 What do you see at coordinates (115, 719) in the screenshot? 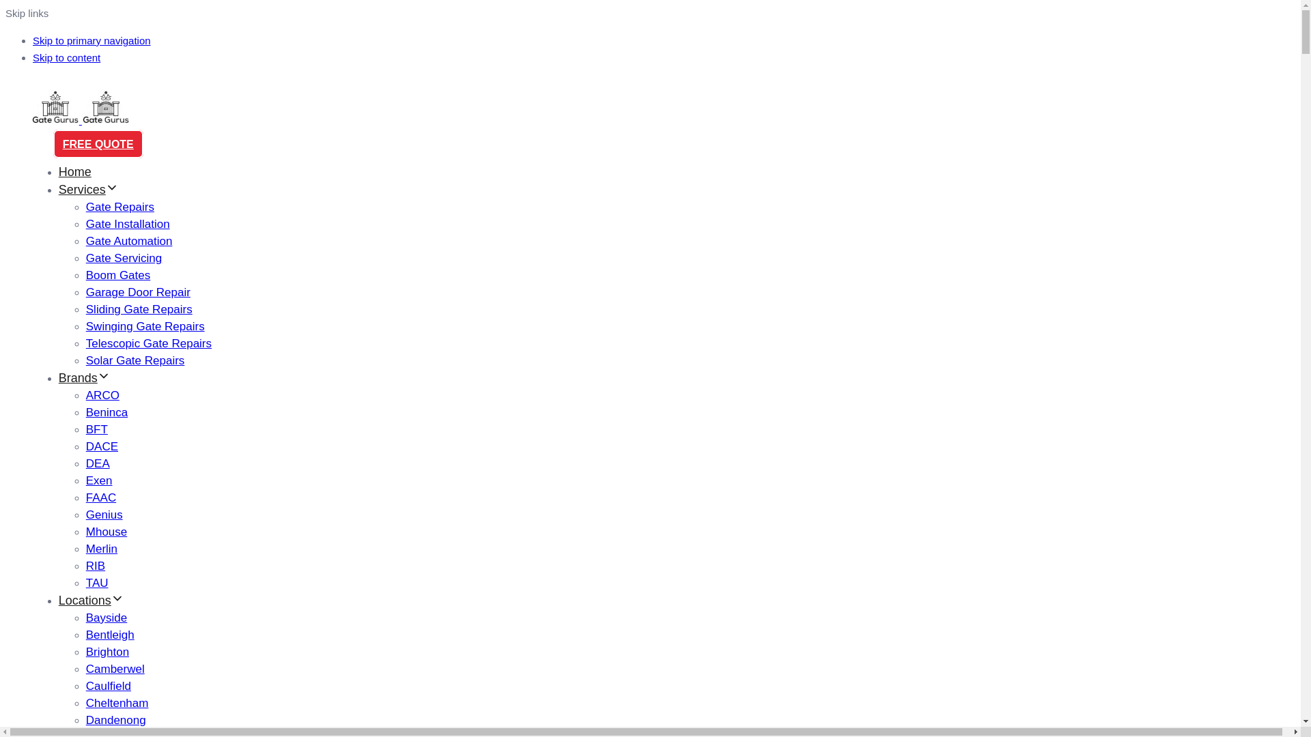
I see `'Dandenong'` at bounding box center [115, 719].